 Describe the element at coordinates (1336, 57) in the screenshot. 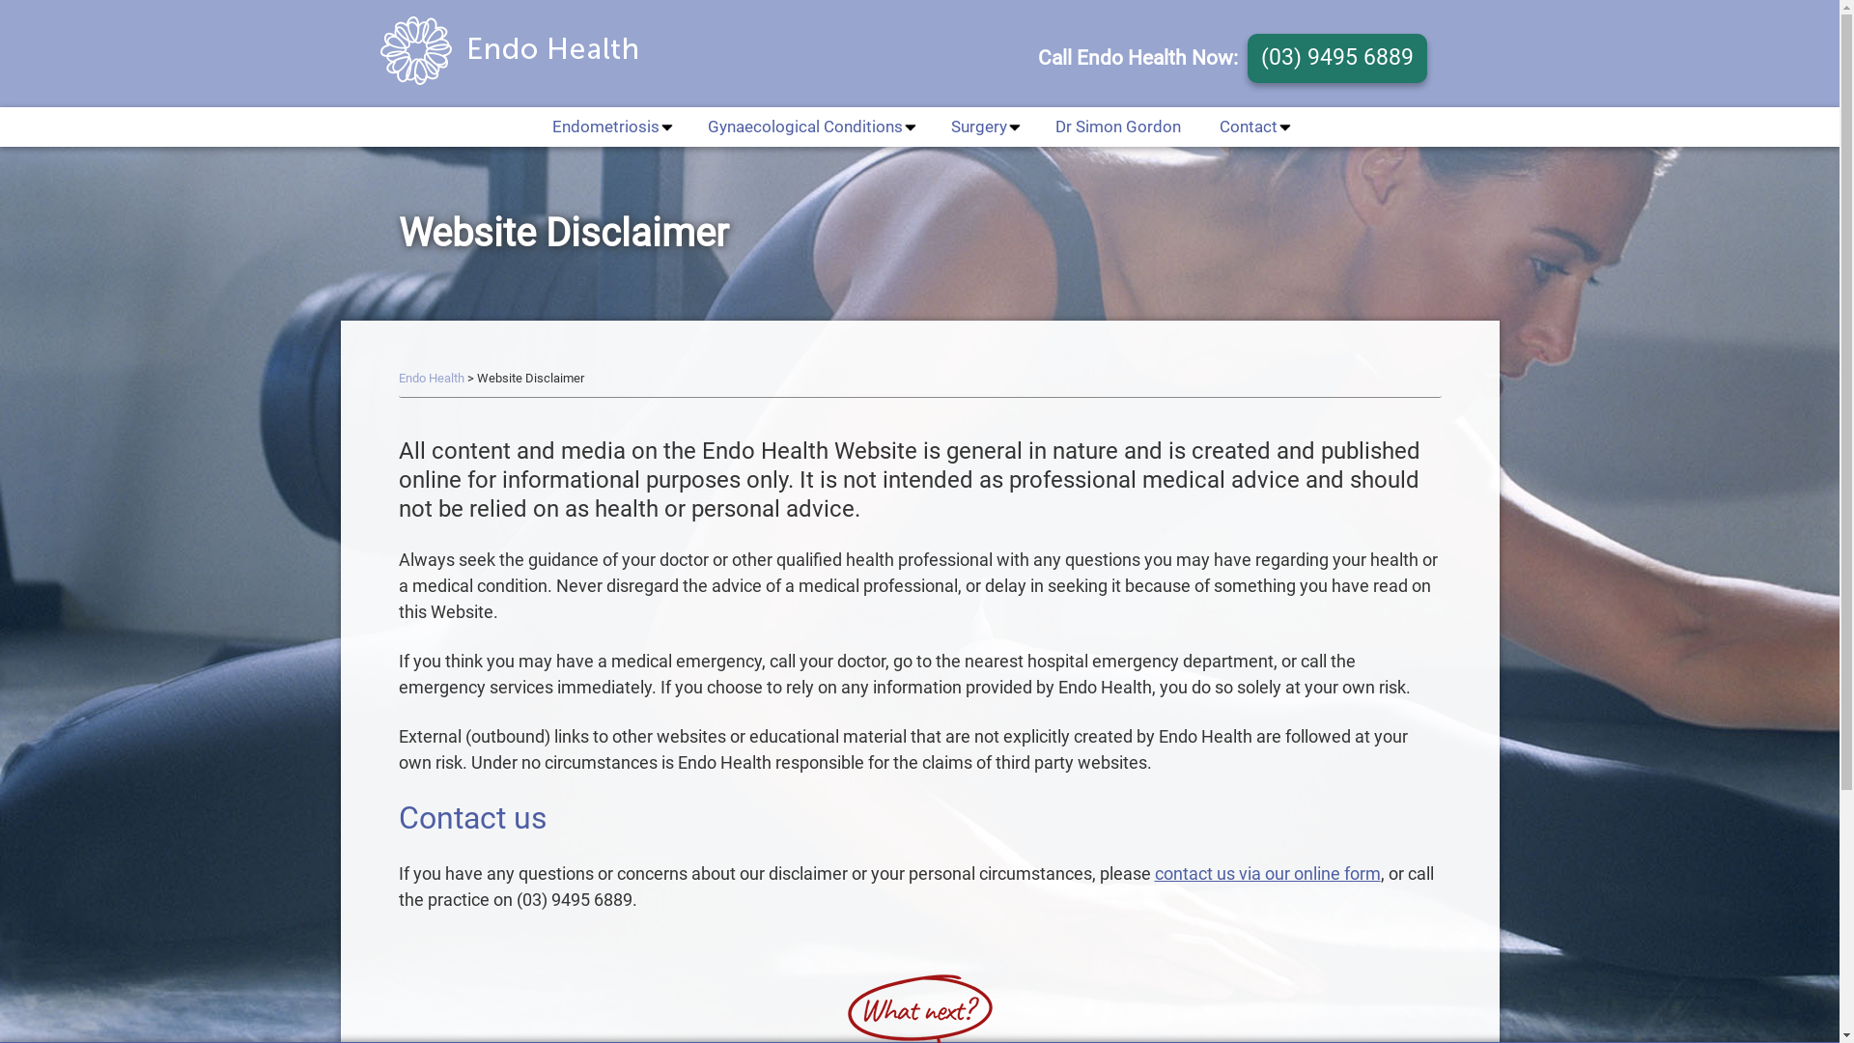

I see `'(03) 9495 6889'` at that location.